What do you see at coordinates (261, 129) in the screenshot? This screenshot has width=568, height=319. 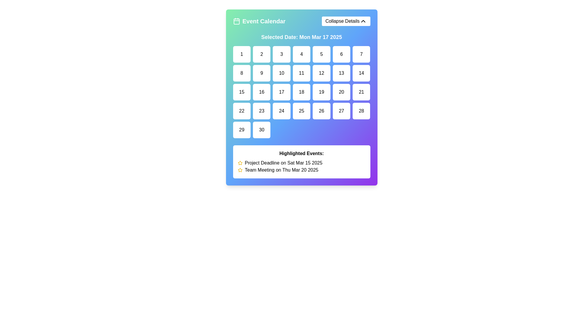 I see `the button representing day 30 in the calendar` at bounding box center [261, 129].